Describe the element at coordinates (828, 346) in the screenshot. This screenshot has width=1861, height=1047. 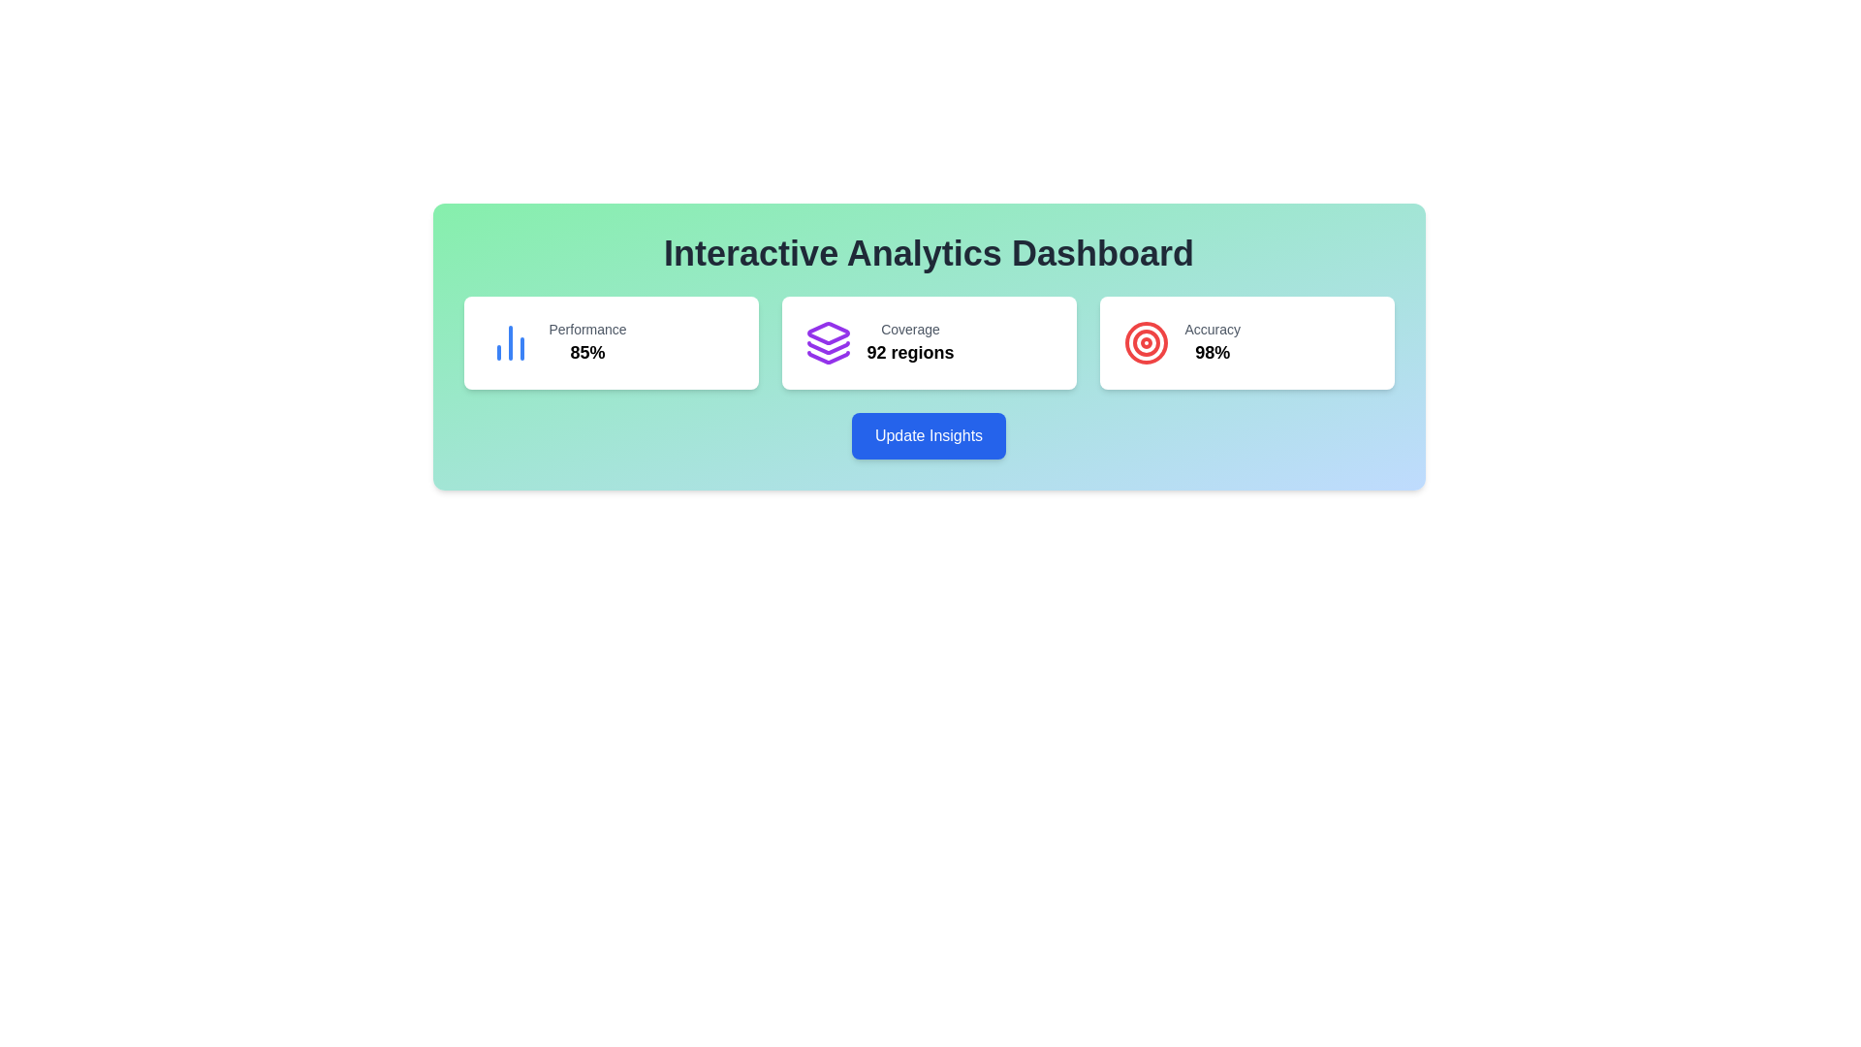
I see `the middle layer of the three-layered stack icon in the Interactive Analytics Dashboard, which is represented by a purple outlined angular shape` at that location.